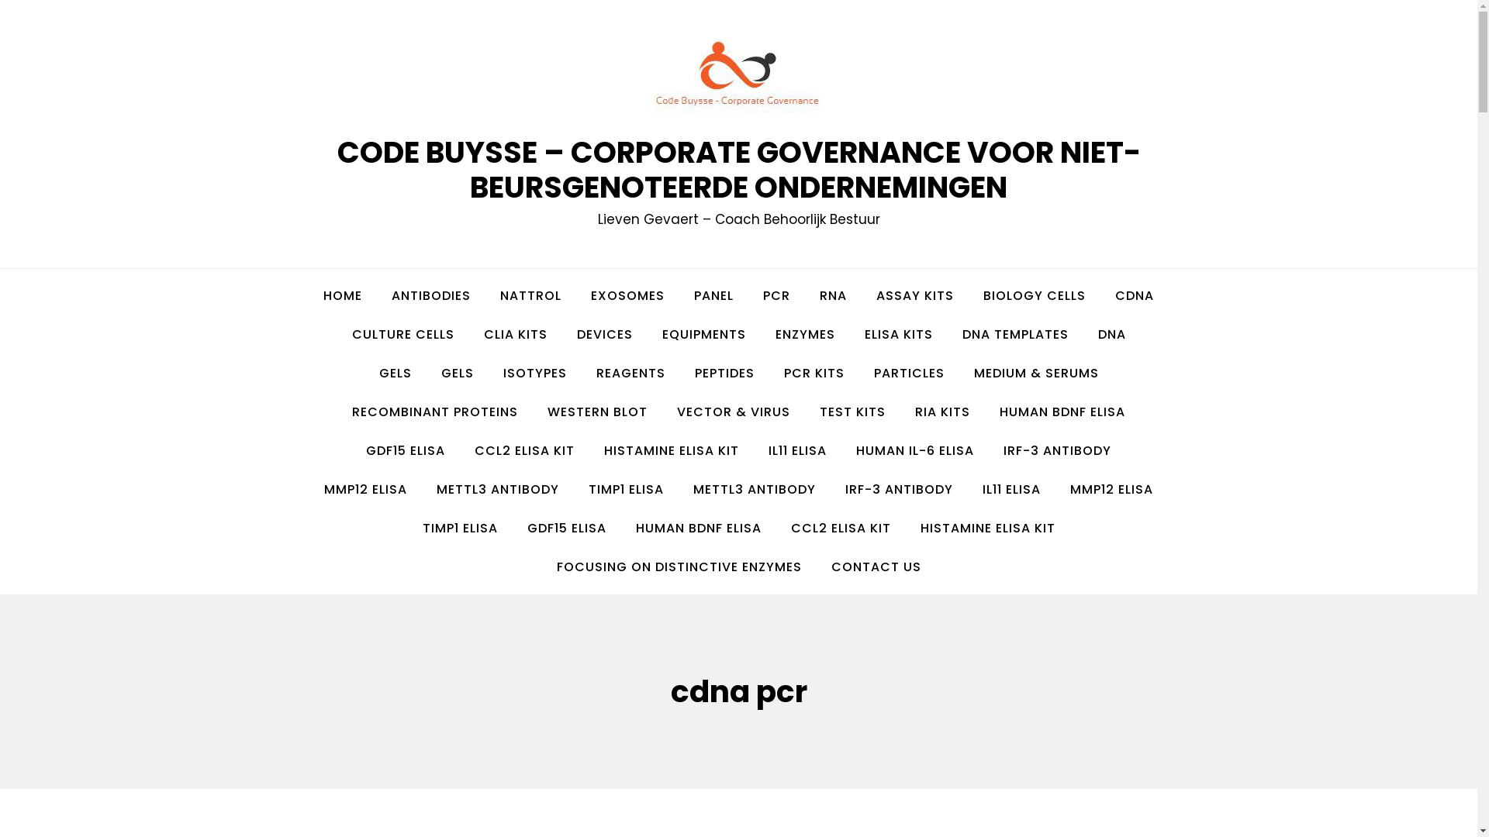 This screenshot has height=837, width=1489. Describe the element at coordinates (431, 295) in the screenshot. I see `'ANTIBODIES'` at that location.